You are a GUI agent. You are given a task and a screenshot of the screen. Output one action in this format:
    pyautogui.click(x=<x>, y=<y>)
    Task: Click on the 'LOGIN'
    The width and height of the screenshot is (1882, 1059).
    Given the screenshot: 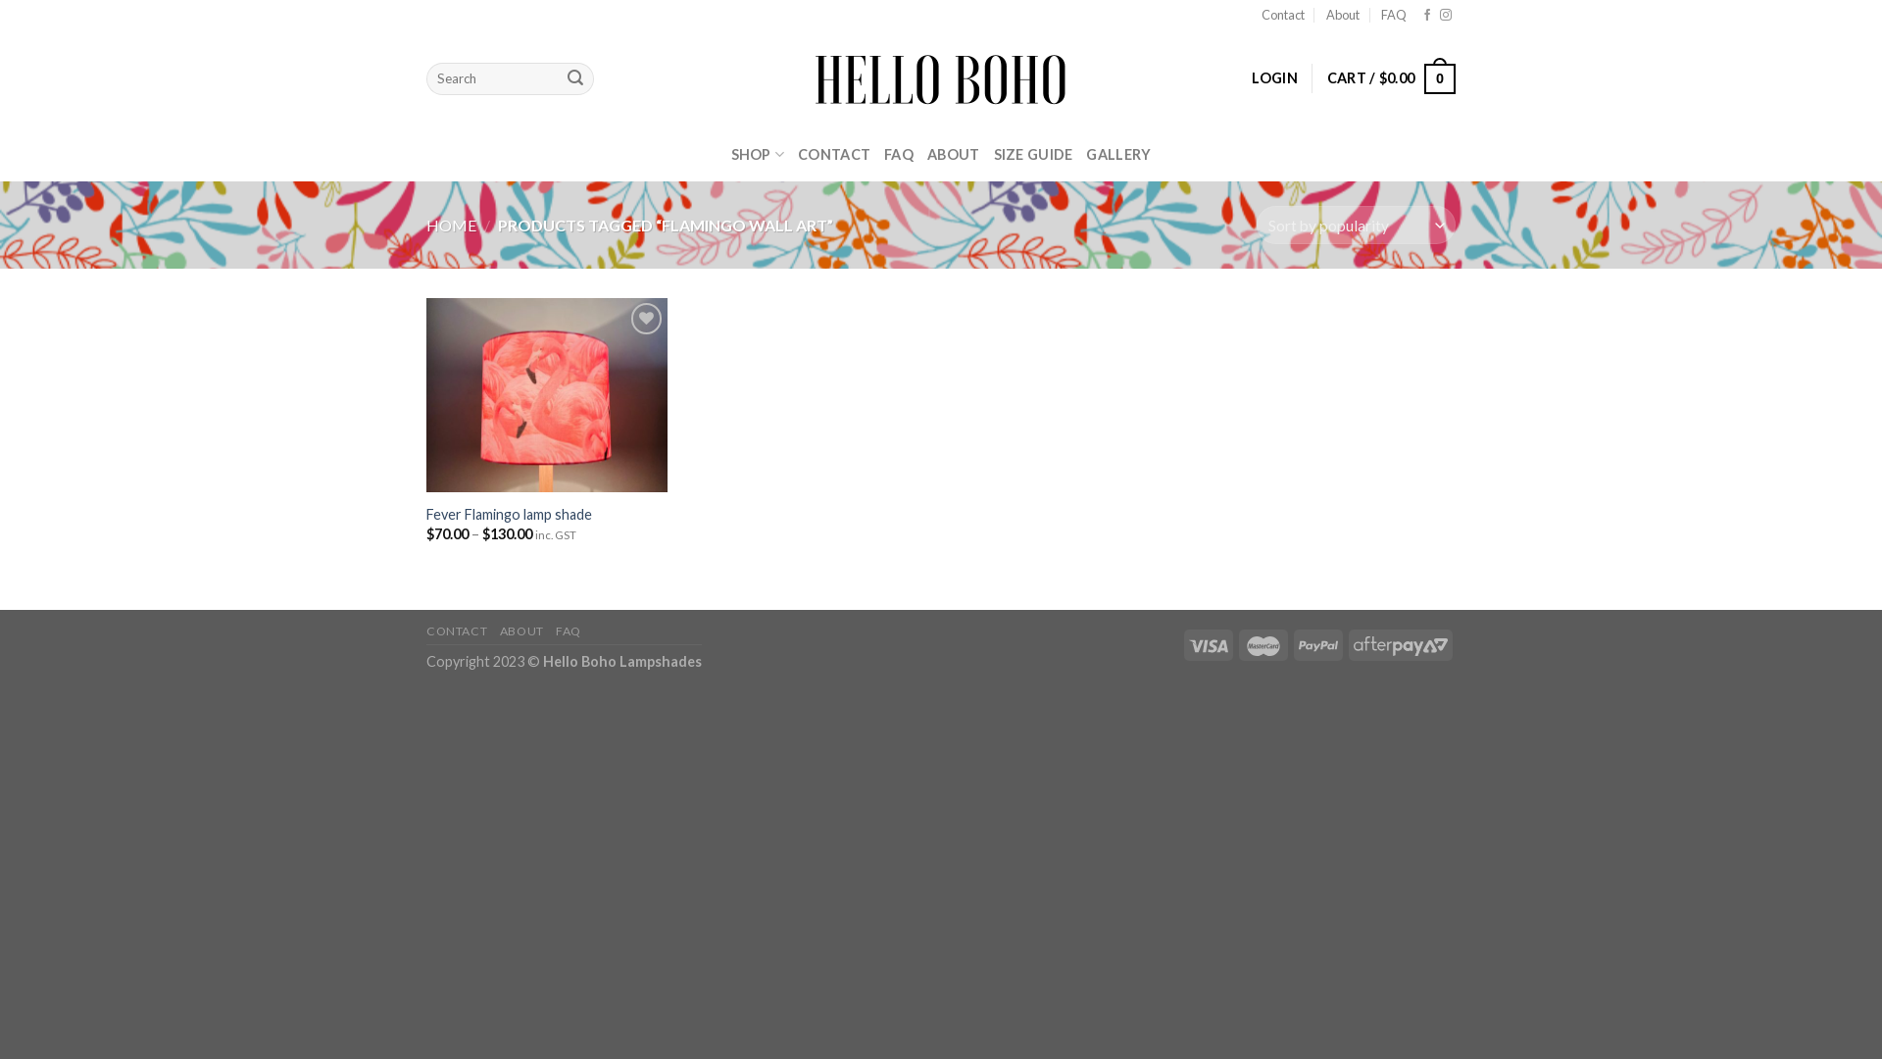 What is the action you would take?
    pyautogui.click(x=1274, y=77)
    